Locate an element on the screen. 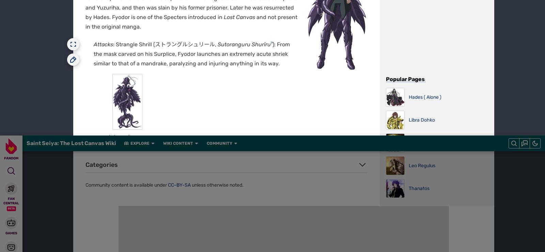 This screenshot has width=545, height=252. 'Fandom' is located at coordinates (125, 3).